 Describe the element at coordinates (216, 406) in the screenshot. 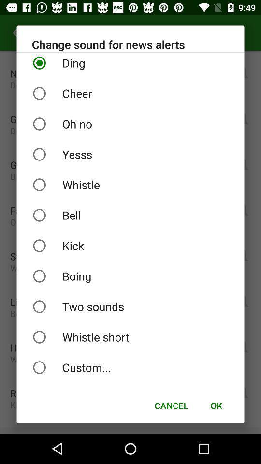

I see `the icon next to cancel item` at that location.